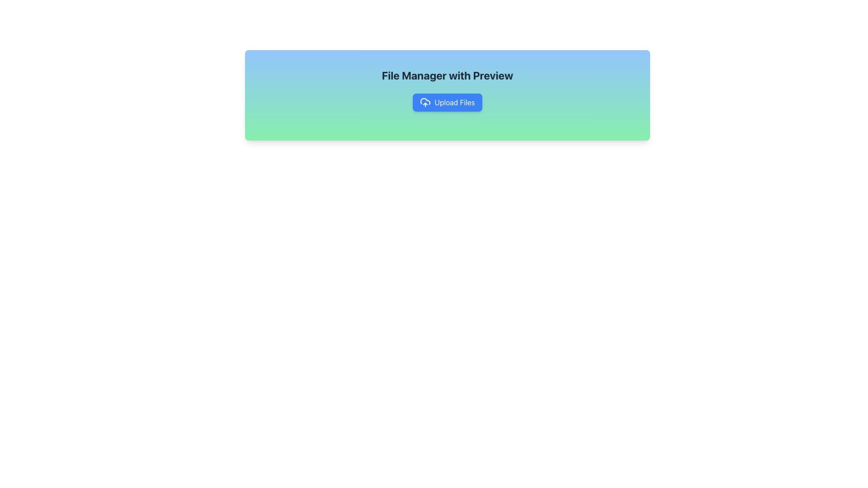 This screenshot has height=488, width=868. What do you see at coordinates (425, 102) in the screenshot?
I see `the upload icon located within the 'Upload Files' button, which is horizontally aligned with the text label and centered below the 'File Manager with Preview' title` at bounding box center [425, 102].